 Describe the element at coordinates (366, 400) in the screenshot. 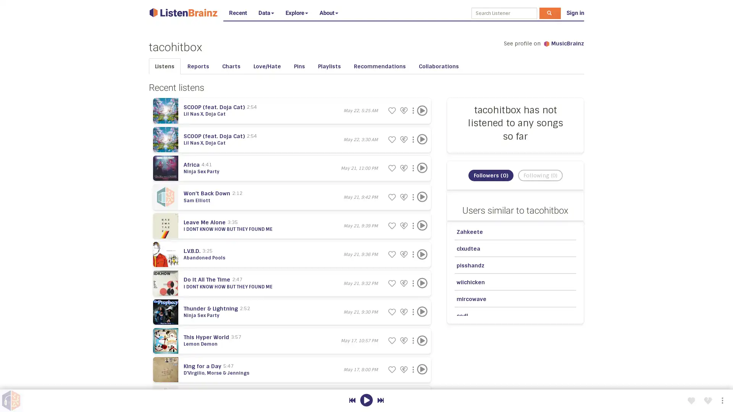

I see `Play` at that location.